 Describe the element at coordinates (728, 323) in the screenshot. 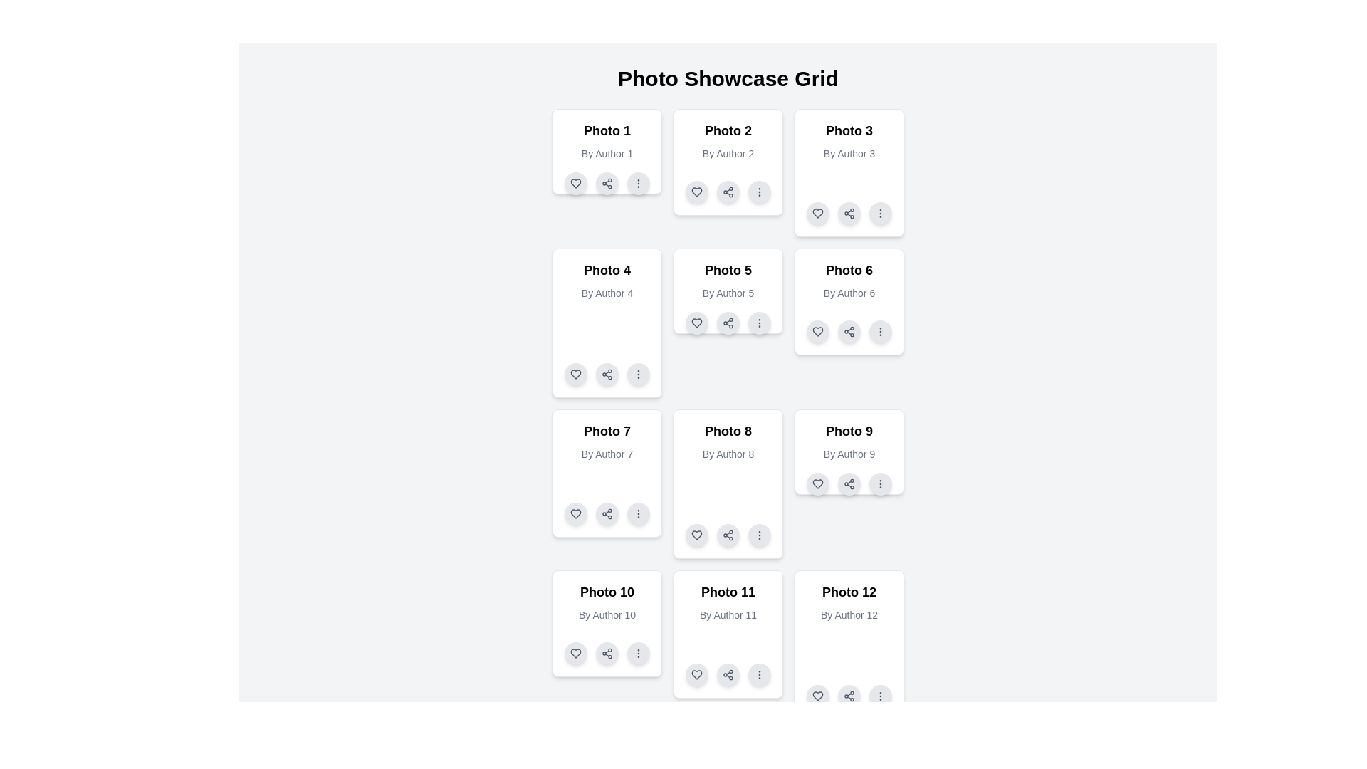

I see `the share icon, which is the second circular icon in the row located at the bottom-right corner of the card titled 'Photo 5'` at that location.